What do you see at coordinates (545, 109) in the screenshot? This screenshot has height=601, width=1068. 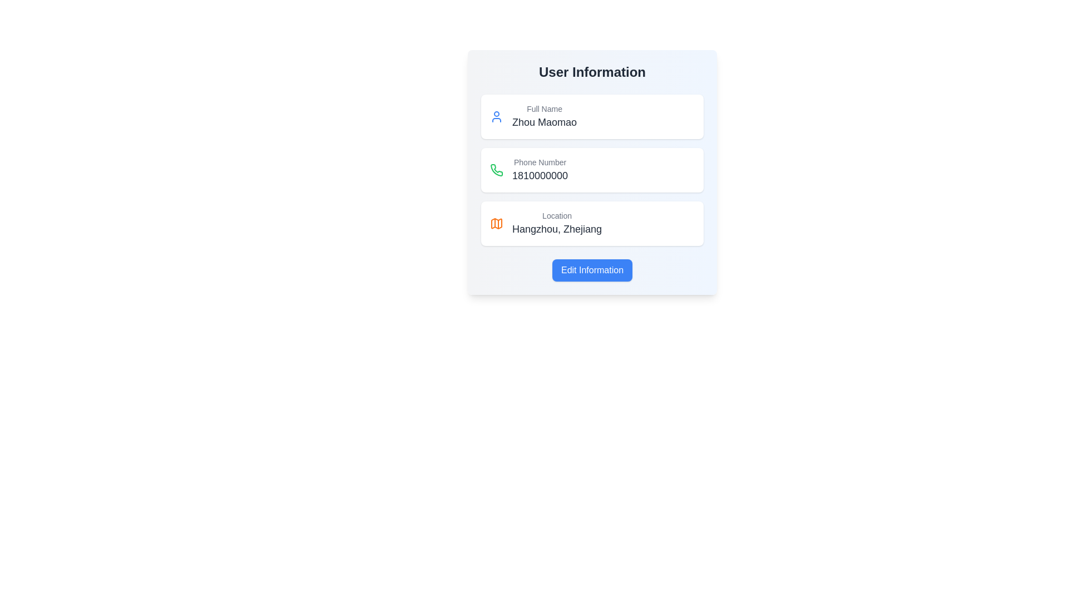 I see `the 'Full Name' label, which is styled in gray with a small font size and is positioned above the text 'Zhou Maomao' in the 'User Information' section` at bounding box center [545, 109].